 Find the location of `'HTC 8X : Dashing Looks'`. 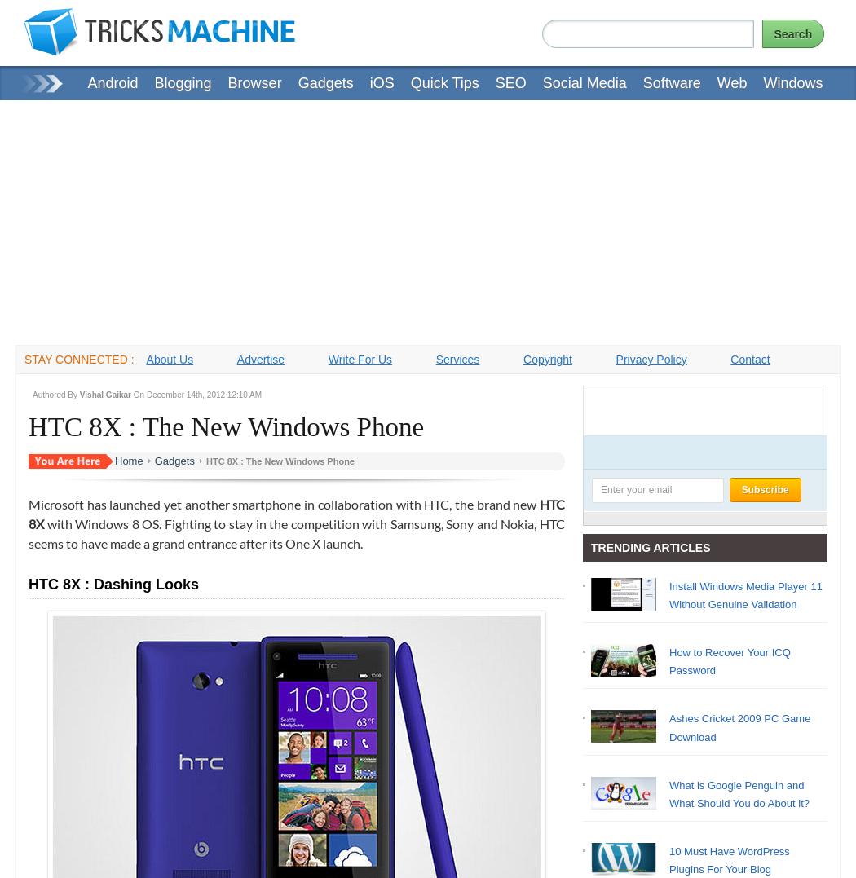

'HTC 8X : Dashing Looks' is located at coordinates (113, 583).